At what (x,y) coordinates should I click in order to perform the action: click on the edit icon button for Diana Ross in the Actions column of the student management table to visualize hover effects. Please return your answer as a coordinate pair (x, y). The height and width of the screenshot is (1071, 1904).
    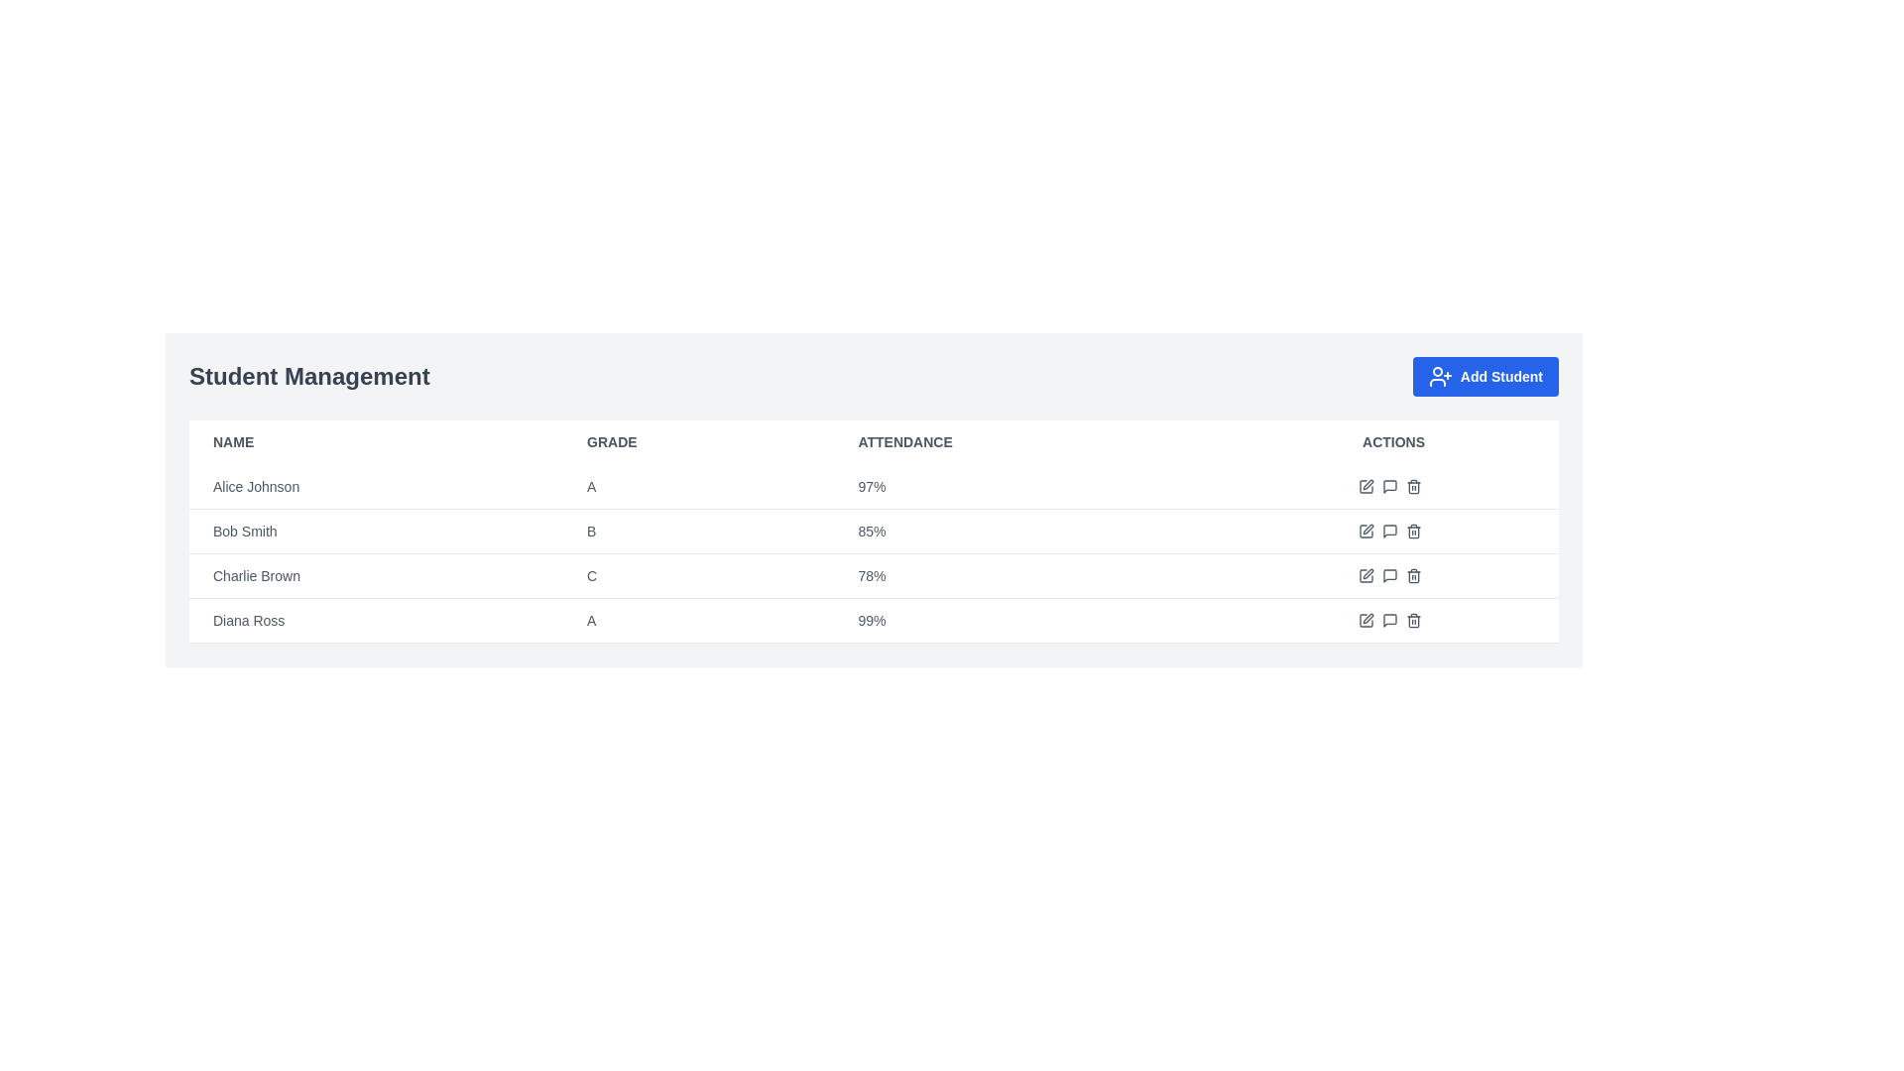
    Looking at the image, I should click on (1365, 619).